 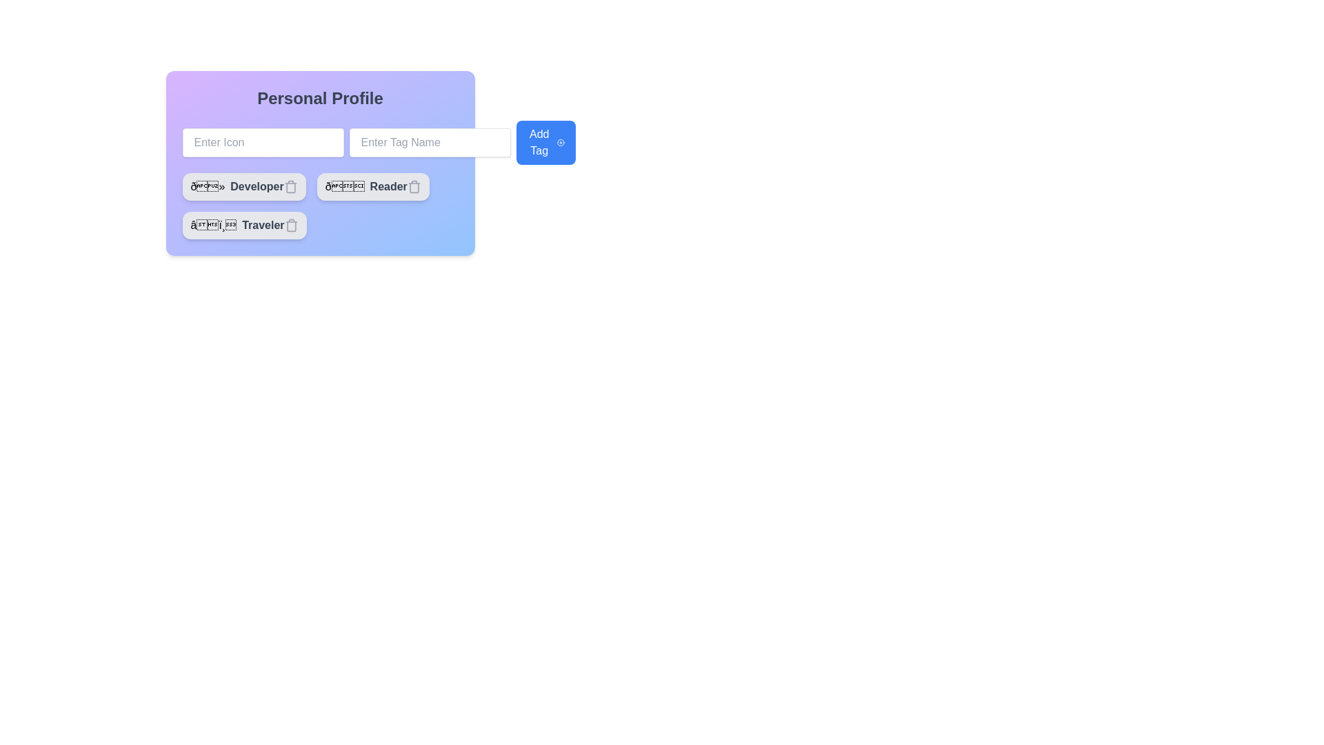 I want to click on the third button-like tag labeled 'Traveler' with a trash bin icon to trigger visual feedback, so click(x=244, y=225).